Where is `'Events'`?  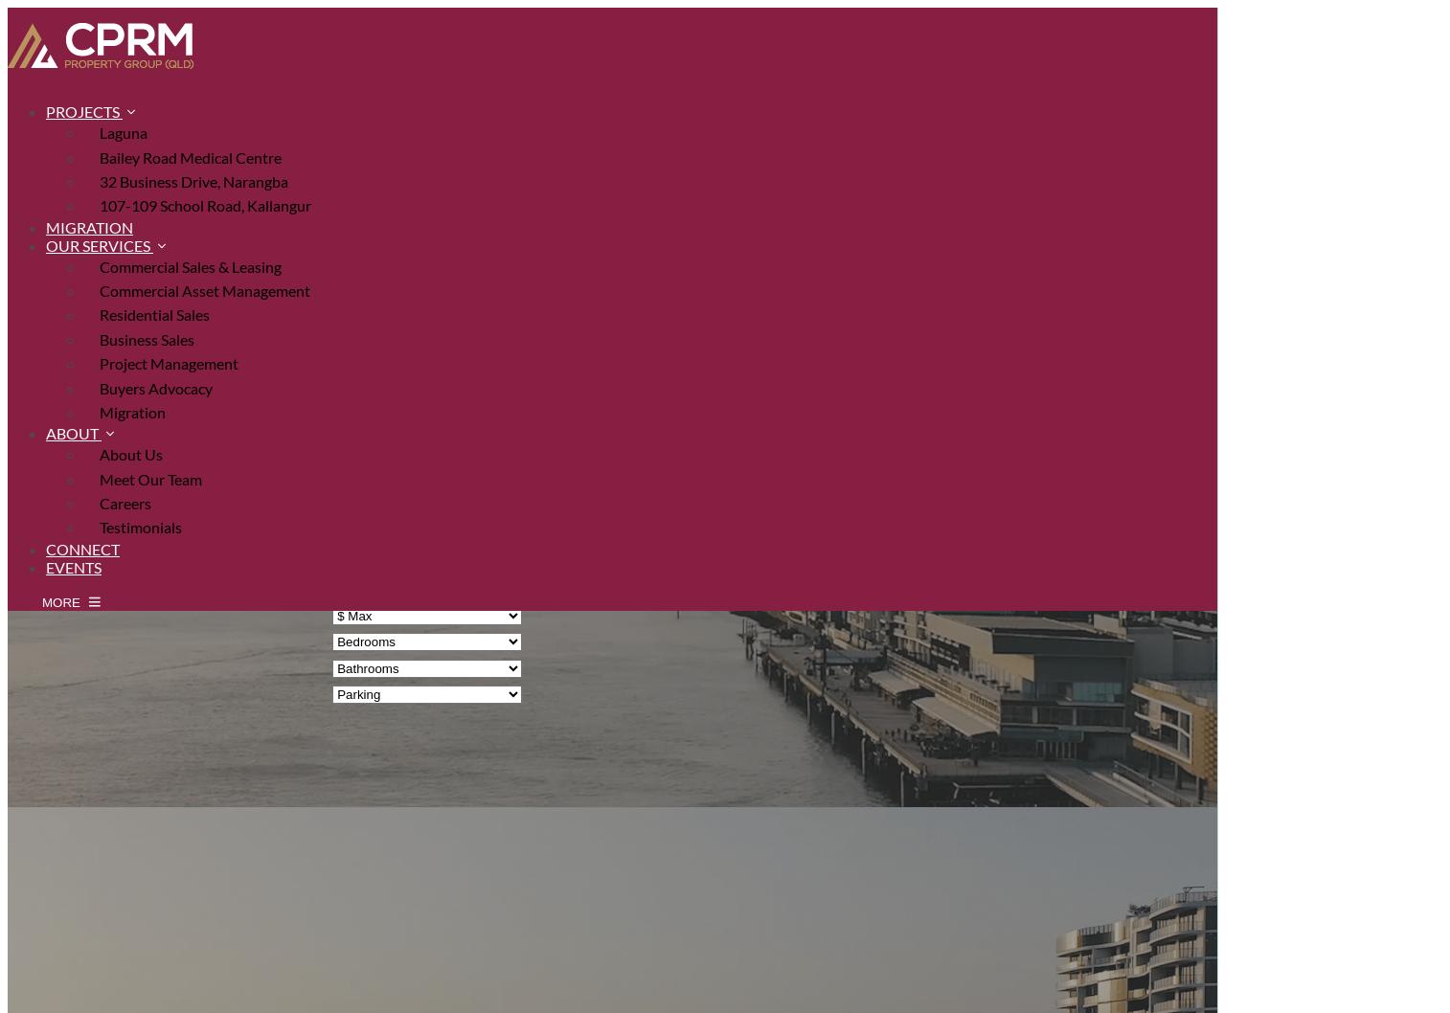
'Events' is located at coordinates (73, 566).